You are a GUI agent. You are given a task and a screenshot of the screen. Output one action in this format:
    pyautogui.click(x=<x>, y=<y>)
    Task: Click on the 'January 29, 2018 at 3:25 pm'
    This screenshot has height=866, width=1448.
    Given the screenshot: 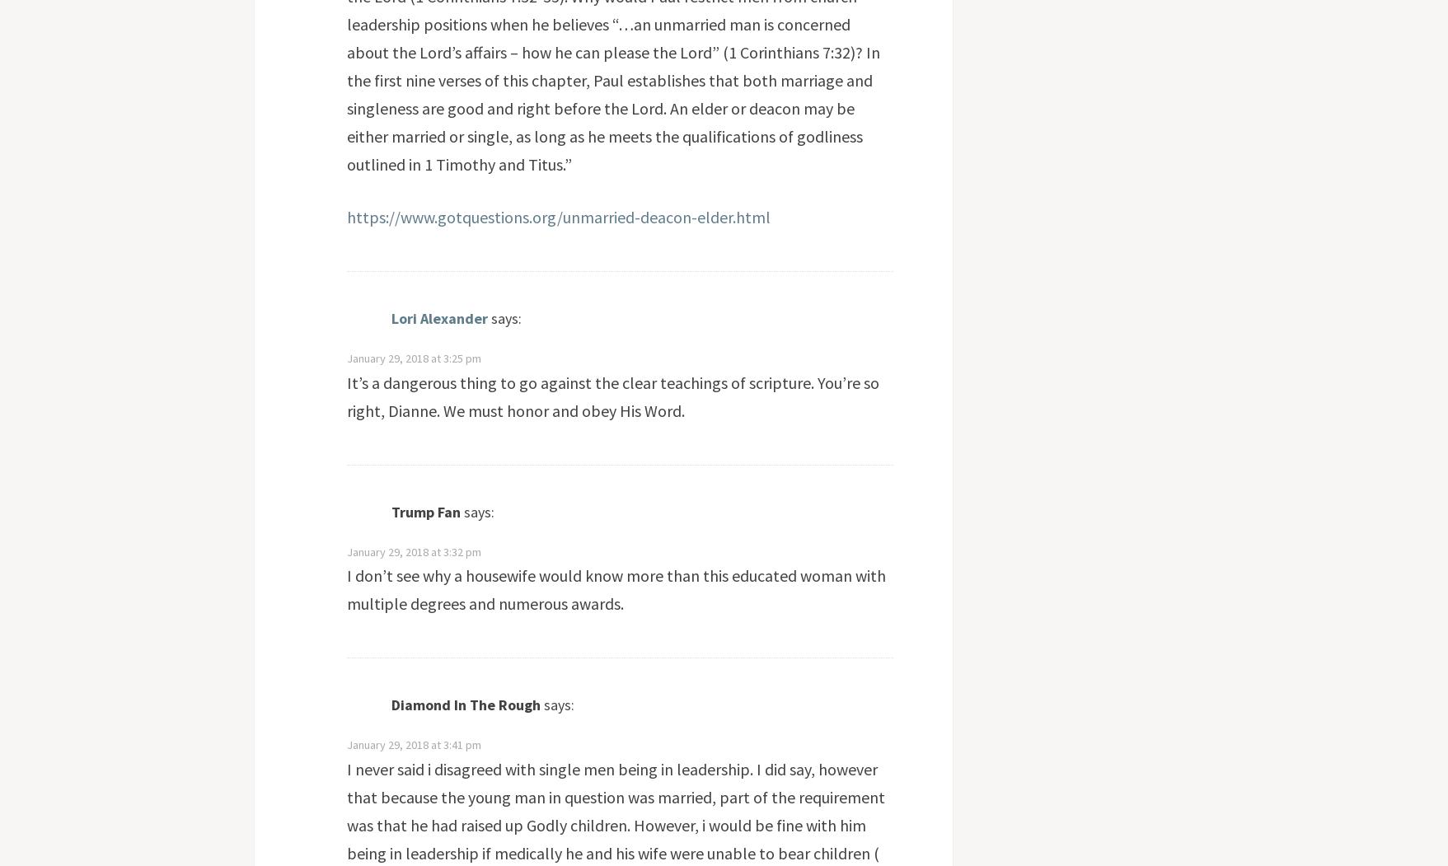 What is the action you would take?
    pyautogui.click(x=412, y=358)
    